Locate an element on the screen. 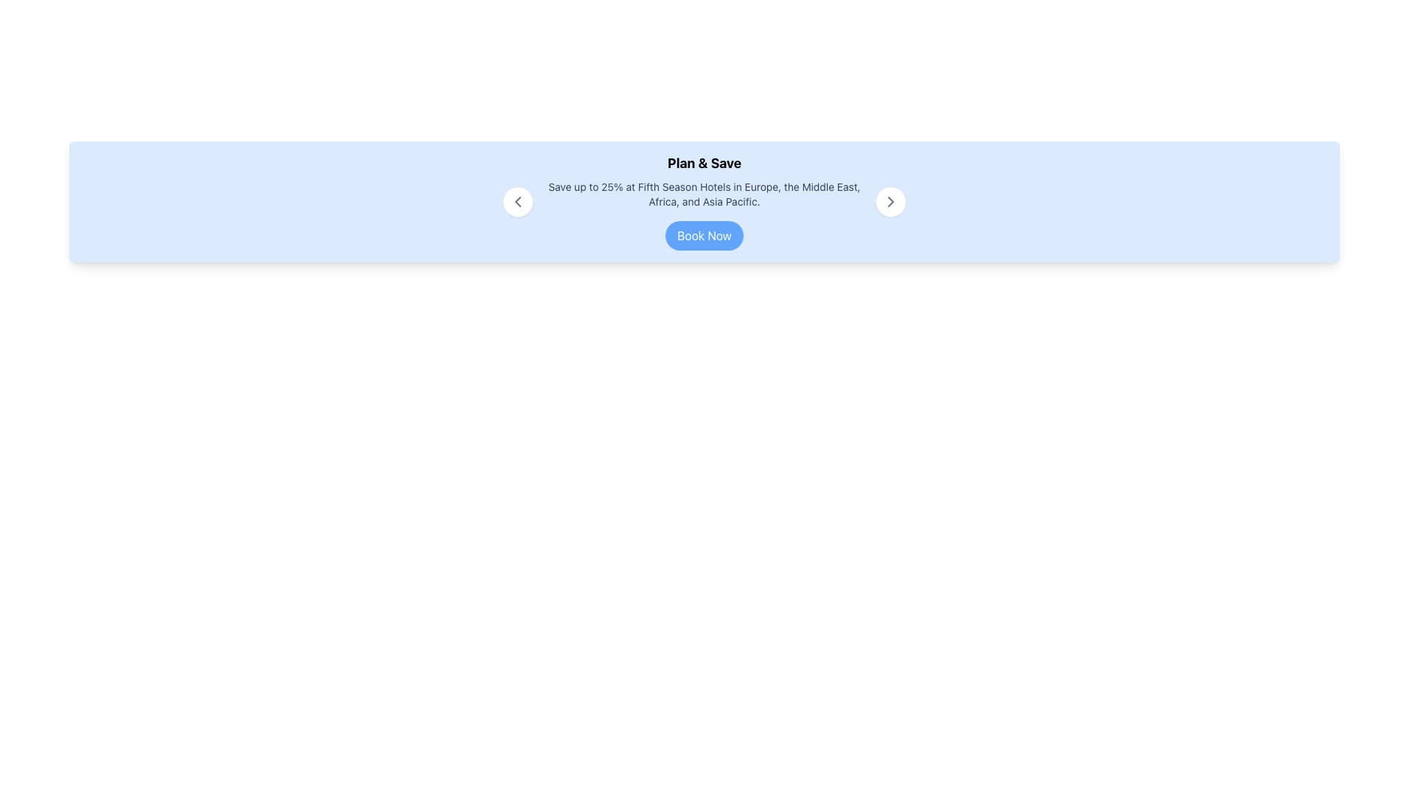 Image resolution: width=1415 pixels, height=796 pixels. the chevron icon indicating forward navigation located in the right circular icon of the blue banner, which is part of a promotional offer interface is located at coordinates (890, 201).